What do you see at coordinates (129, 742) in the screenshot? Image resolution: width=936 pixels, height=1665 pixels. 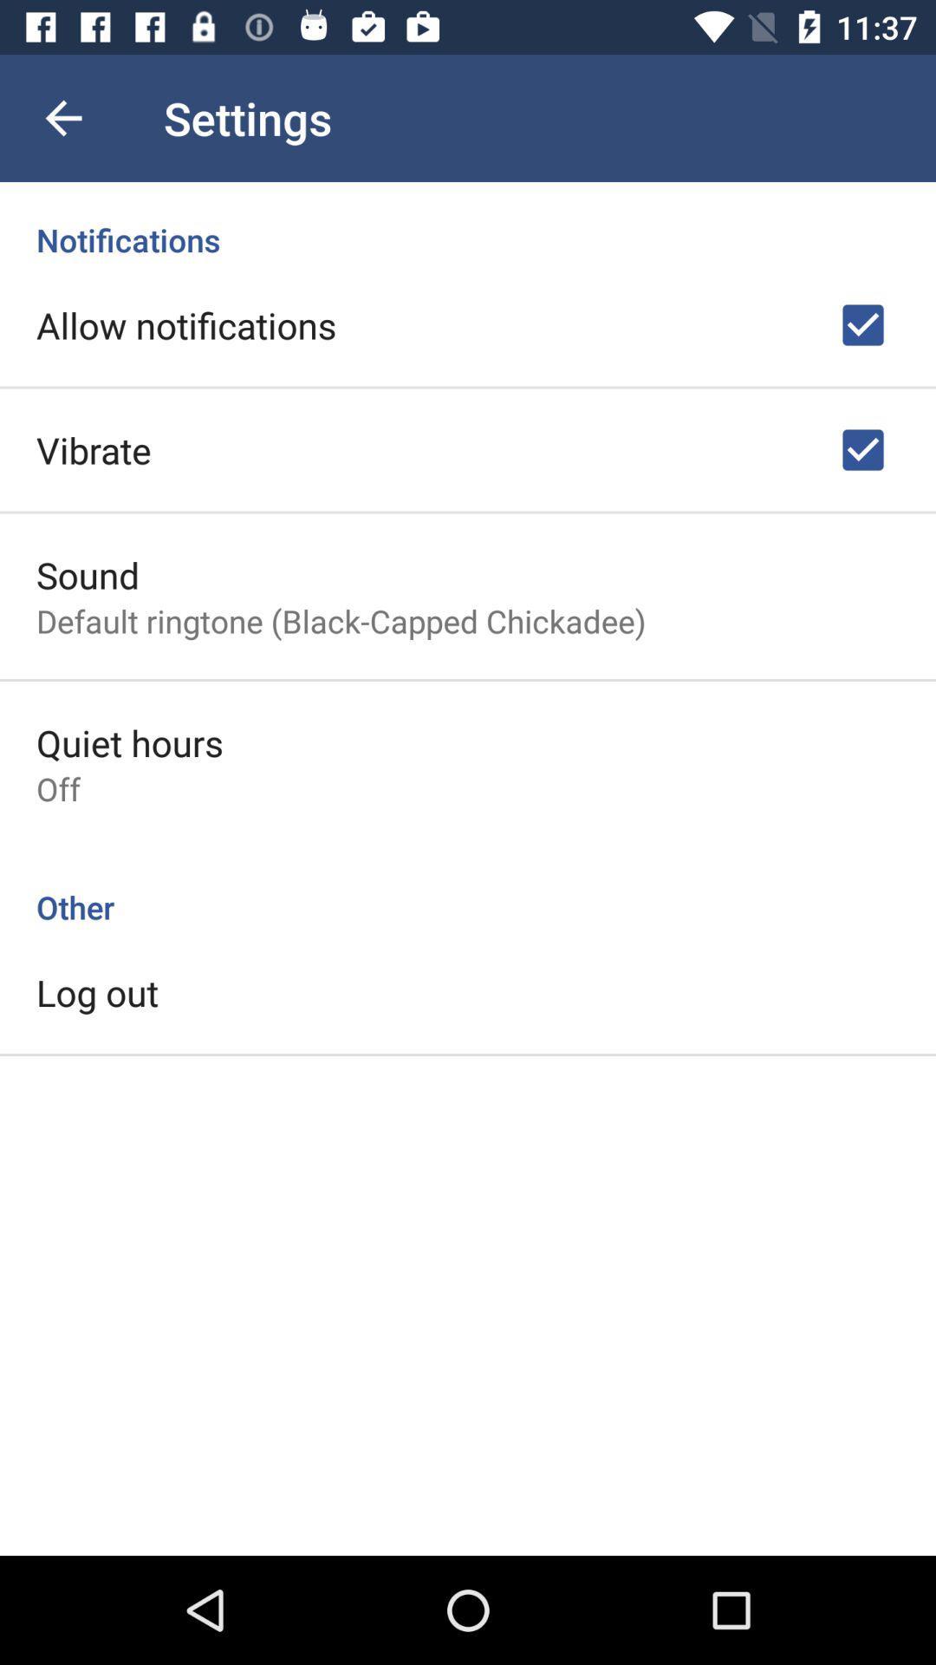 I see `quiet hours icon` at bounding box center [129, 742].